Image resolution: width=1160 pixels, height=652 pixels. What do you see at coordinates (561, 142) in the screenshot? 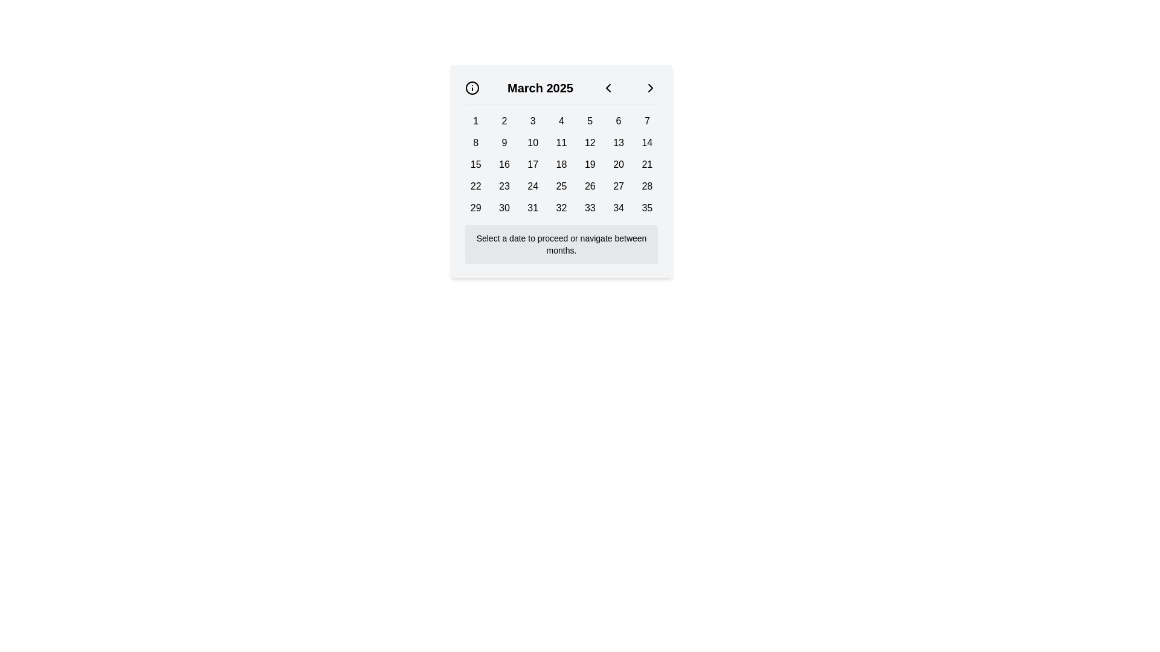
I see `the button labeled '11' in the calendar` at bounding box center [561, 142].